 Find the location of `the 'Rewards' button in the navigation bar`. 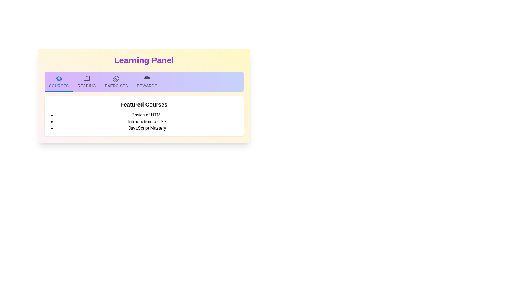

the 'Rewards' button in the navigation bar is located at coordinates (147, 79).